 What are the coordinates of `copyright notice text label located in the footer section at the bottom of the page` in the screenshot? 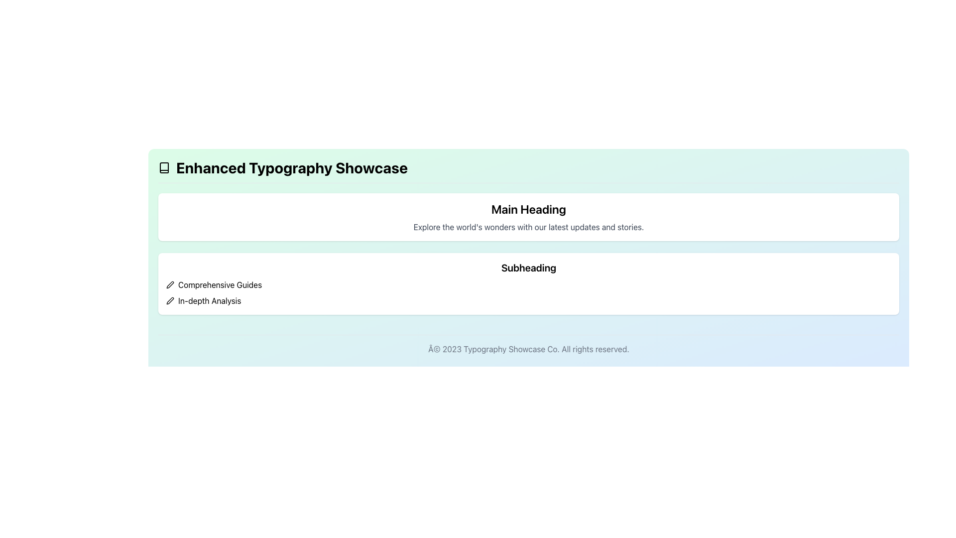 It's located at (528, 349).